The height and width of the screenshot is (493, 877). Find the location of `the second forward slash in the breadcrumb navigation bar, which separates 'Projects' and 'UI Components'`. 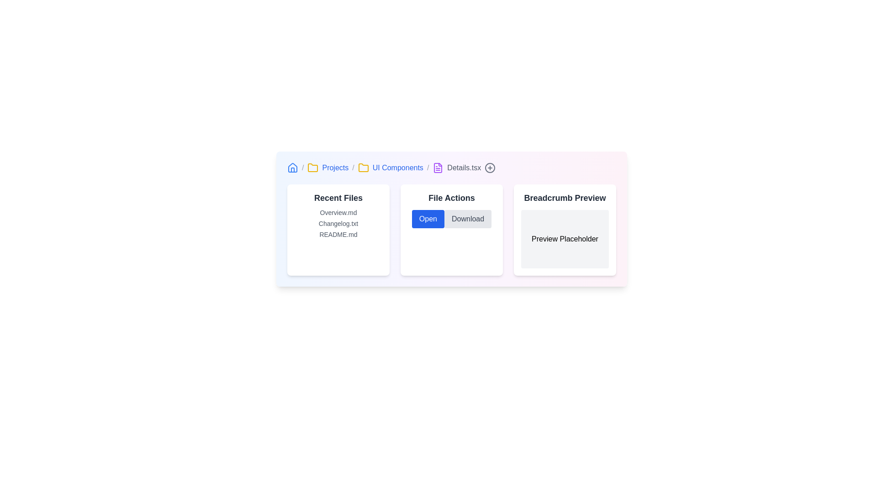

the second forward slash in the breadcrumb navigation bar, which separates 'Projects' and 'UI Components' is located at coordinates (353, 168).